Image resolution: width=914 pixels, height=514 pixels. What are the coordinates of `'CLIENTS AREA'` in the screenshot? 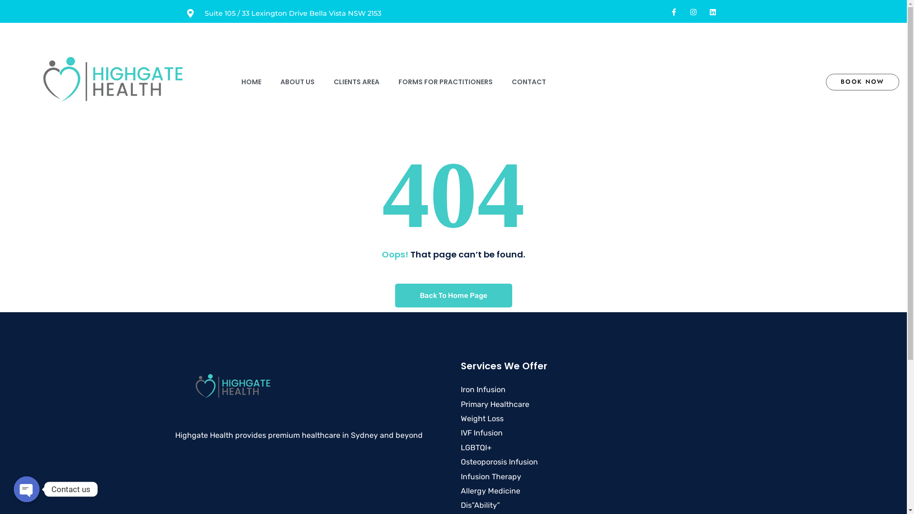 It's located at (356, 81).